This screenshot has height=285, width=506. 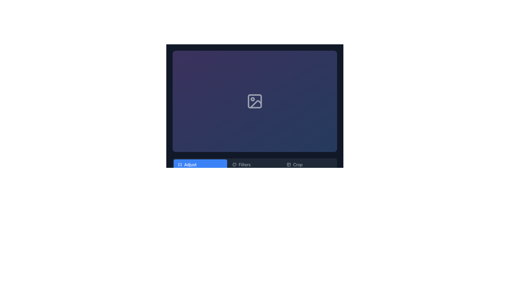 What do you see at coordinates (234, 164) in the screenshot?
I see `the paint palette icon, which symbolizes color selection and artistic actions, located towards the bottom of the interface` at bounding box center [234, 164].